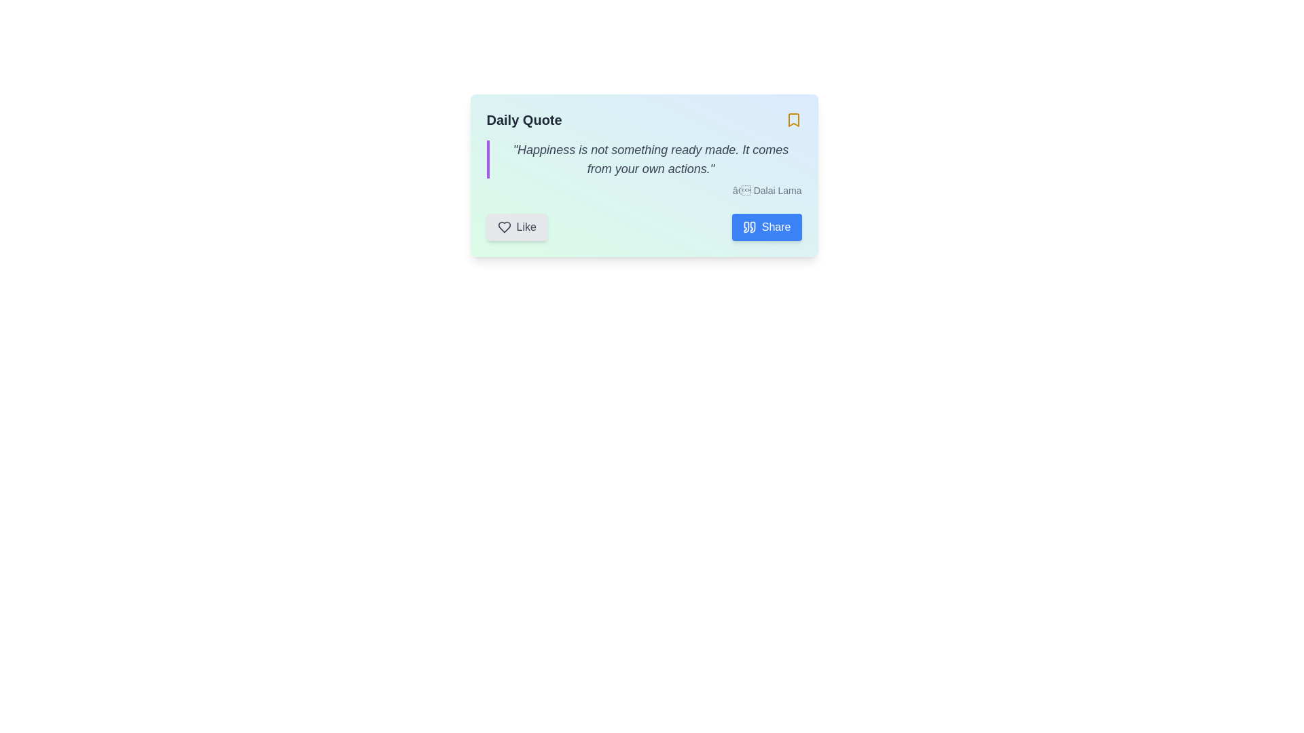 Image resolution: width=1304 pixels, height=733 pixels. I want to click on the text label within the button that indicates the liking action, located to the right of a heart icon at the bottom-left corner of the quote card, so click(526, 227).